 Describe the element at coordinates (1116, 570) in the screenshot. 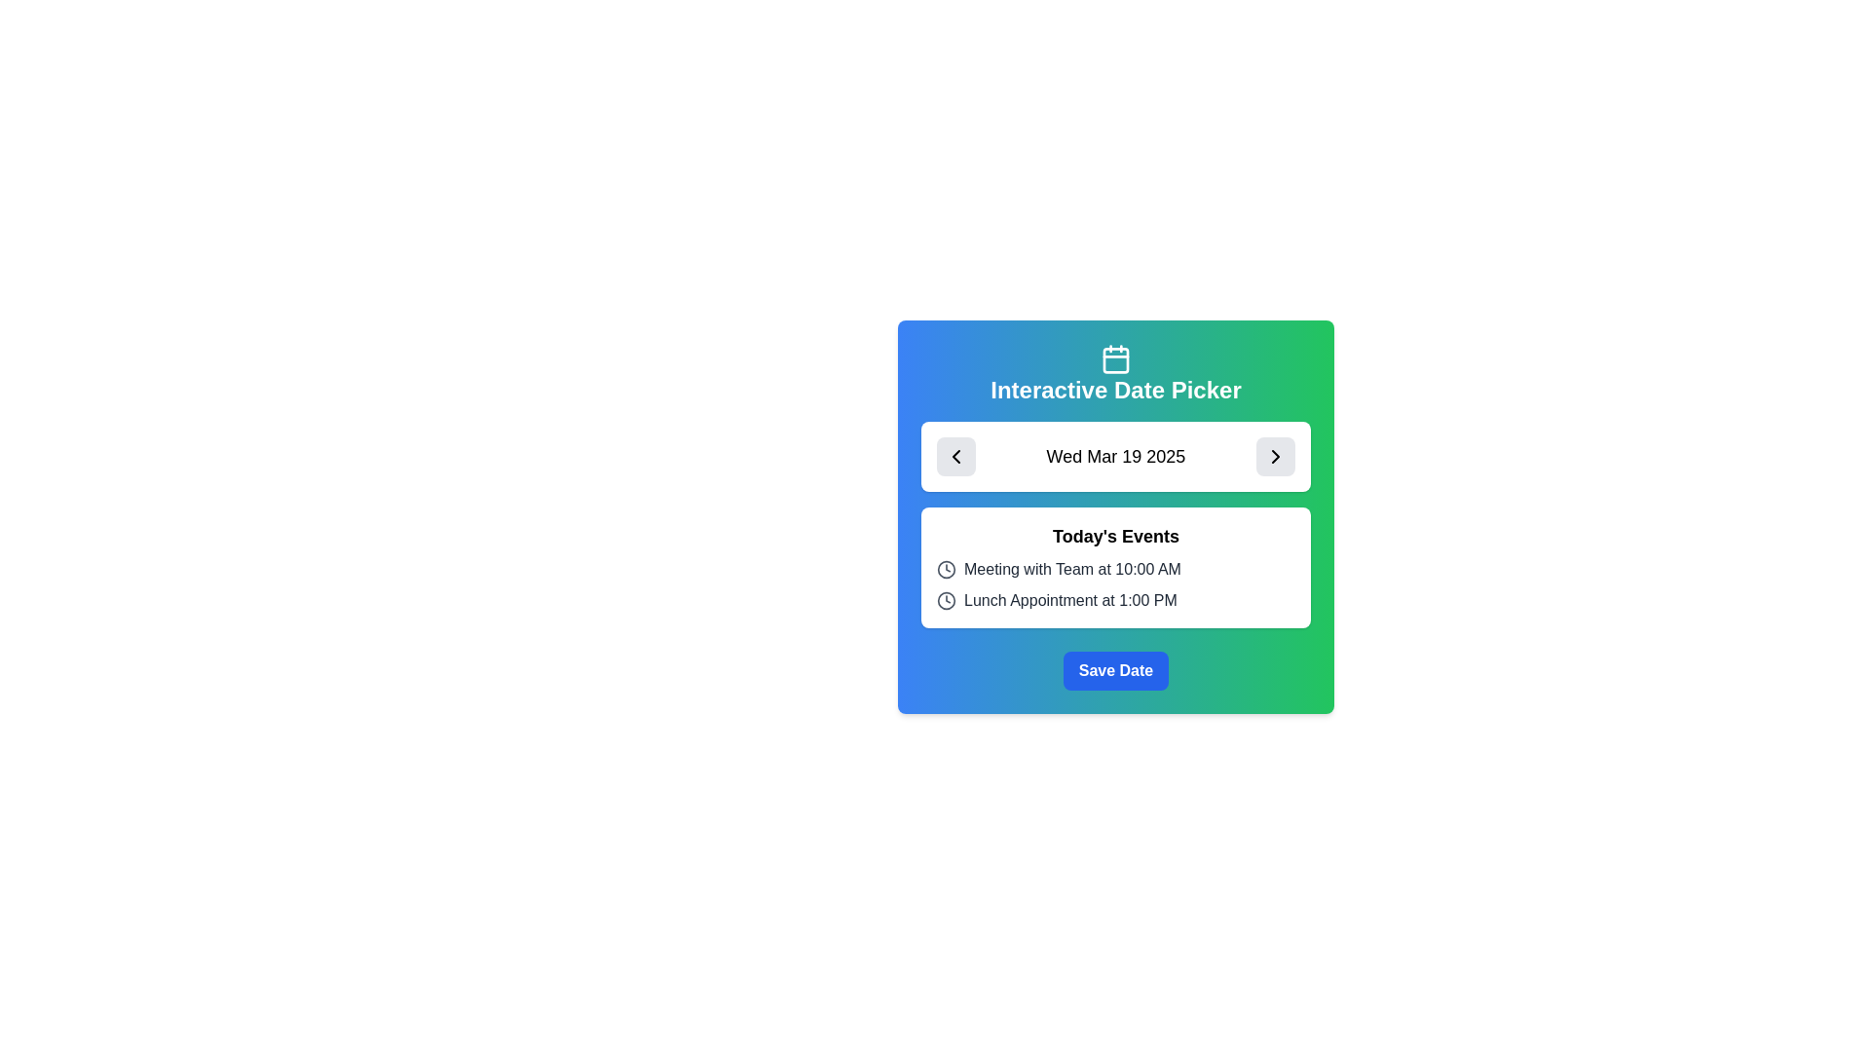

I see `the Text Label with Icon displaying 'Meeting with Team at 10:00 AM', which is the first item under 'Today's Events'` at that location.